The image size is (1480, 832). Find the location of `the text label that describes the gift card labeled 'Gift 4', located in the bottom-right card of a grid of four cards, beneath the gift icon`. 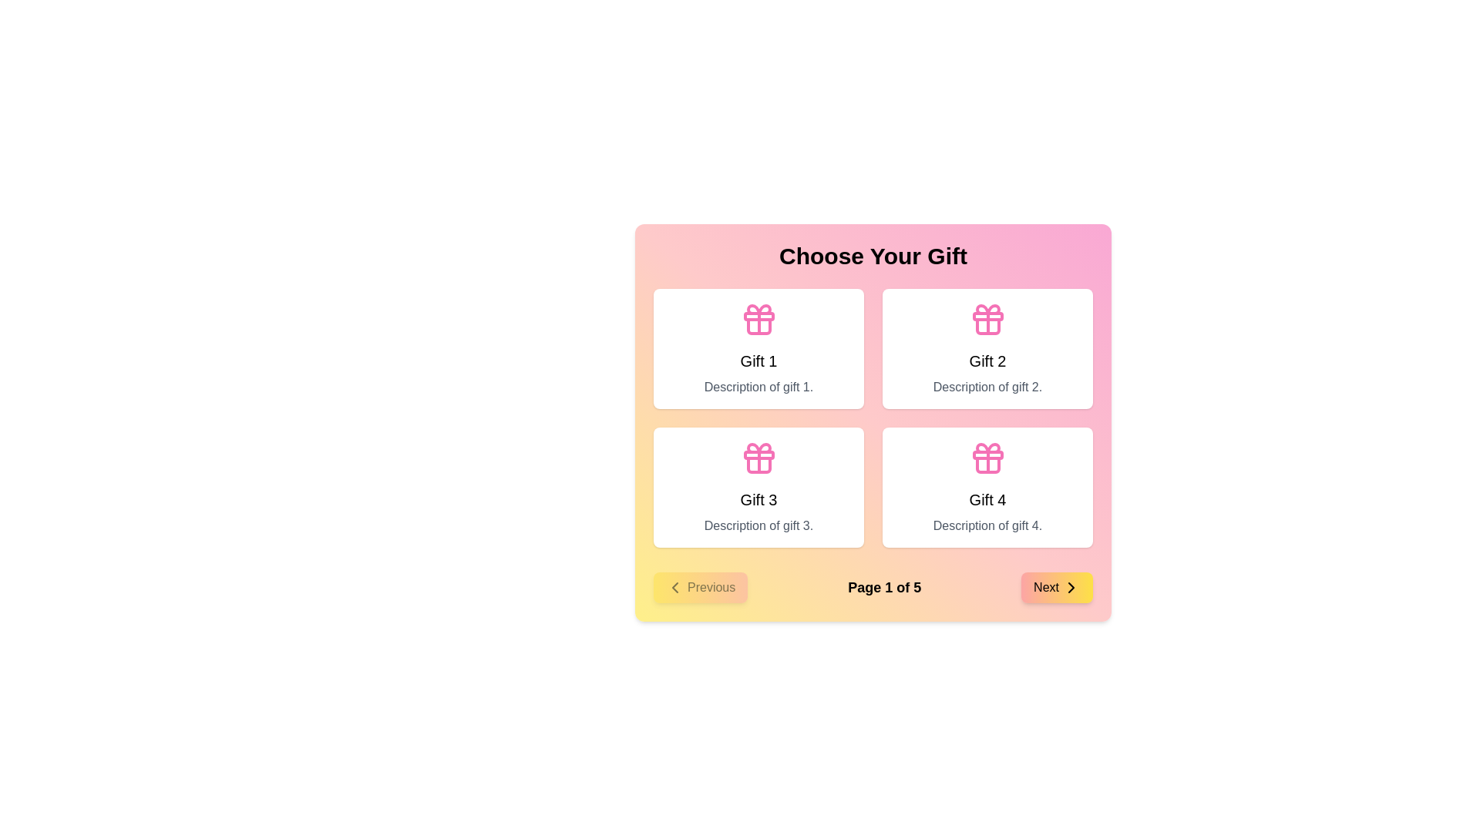

the text label that describes the gift card labeled 'Gift 4', located in the bottom-right card of a grid of four cards, beneath the gift icon is located at coordinates (987, 525).